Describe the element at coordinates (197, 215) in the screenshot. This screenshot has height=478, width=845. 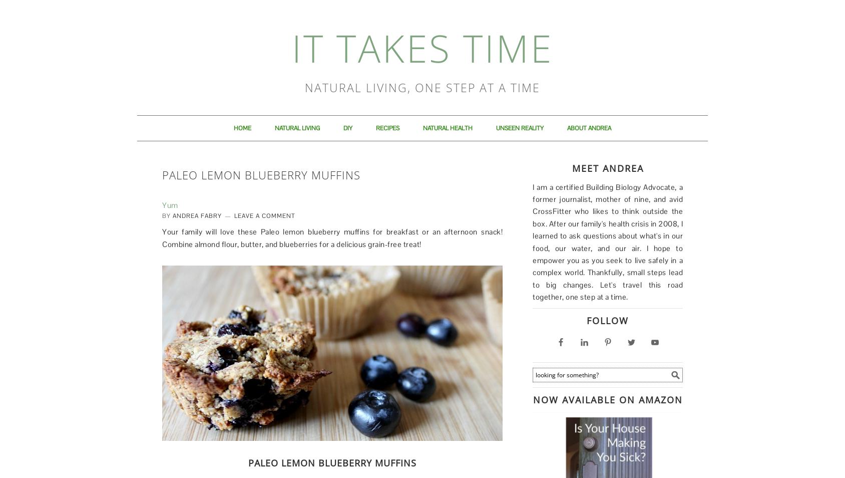
I see `'Andrea Fabry'` at that location.